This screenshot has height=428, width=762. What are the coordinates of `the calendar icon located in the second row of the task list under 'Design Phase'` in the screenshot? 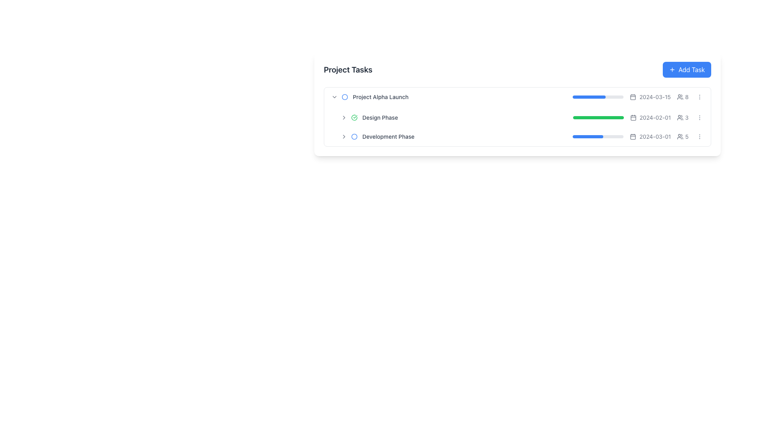 It's located at (639, 118).